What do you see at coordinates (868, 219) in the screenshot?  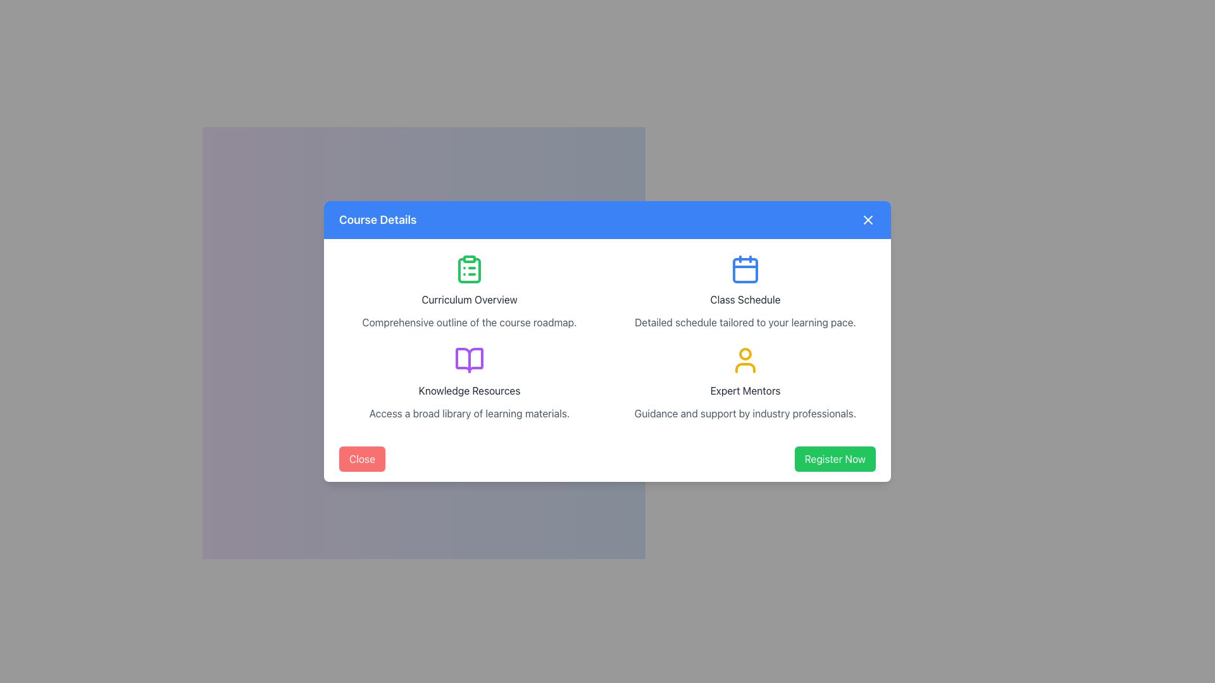 I see `the 'X' icon element` at bounding box center [868, 219].